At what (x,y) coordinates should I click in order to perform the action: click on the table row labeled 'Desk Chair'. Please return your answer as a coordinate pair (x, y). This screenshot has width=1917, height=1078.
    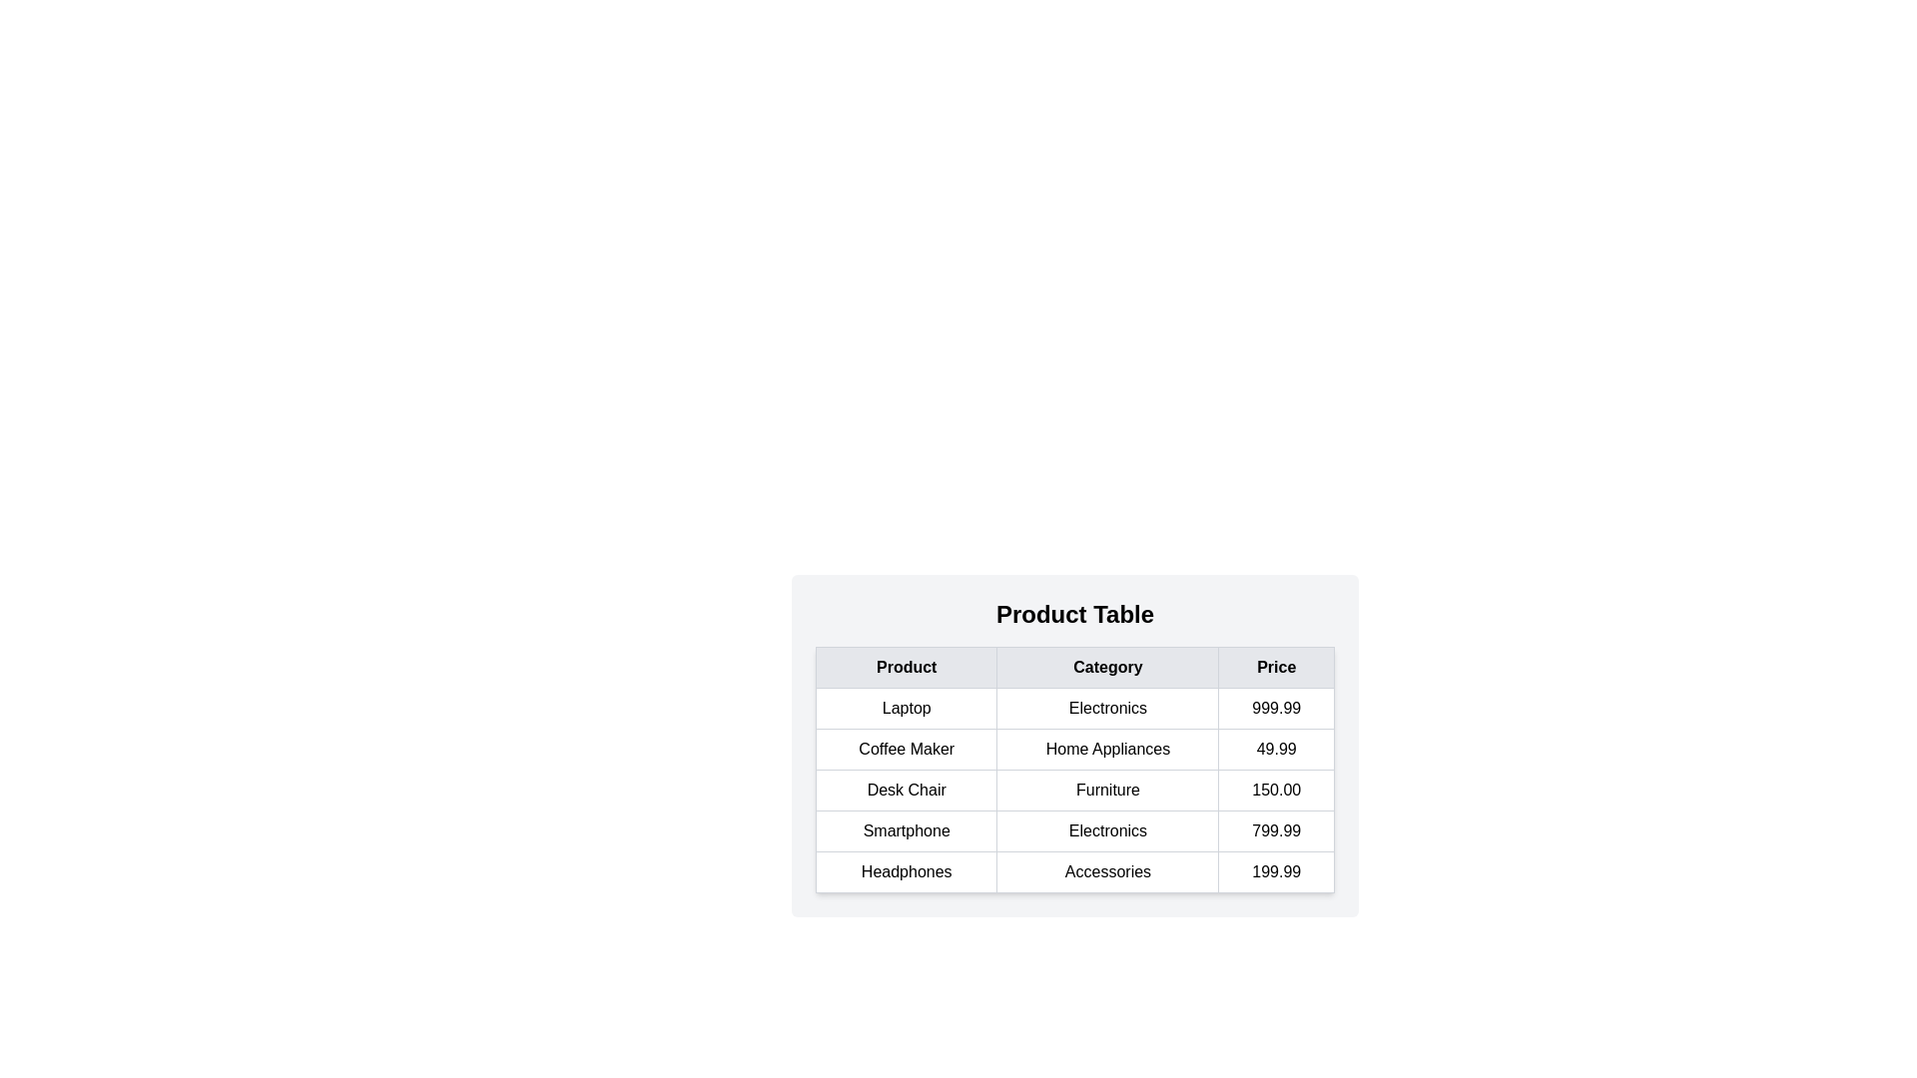
    Looking at the image, I should click on (1073, 789).